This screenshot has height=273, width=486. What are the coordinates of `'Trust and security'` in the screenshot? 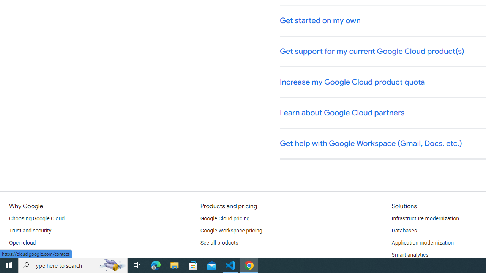 It's located at (30, 231).